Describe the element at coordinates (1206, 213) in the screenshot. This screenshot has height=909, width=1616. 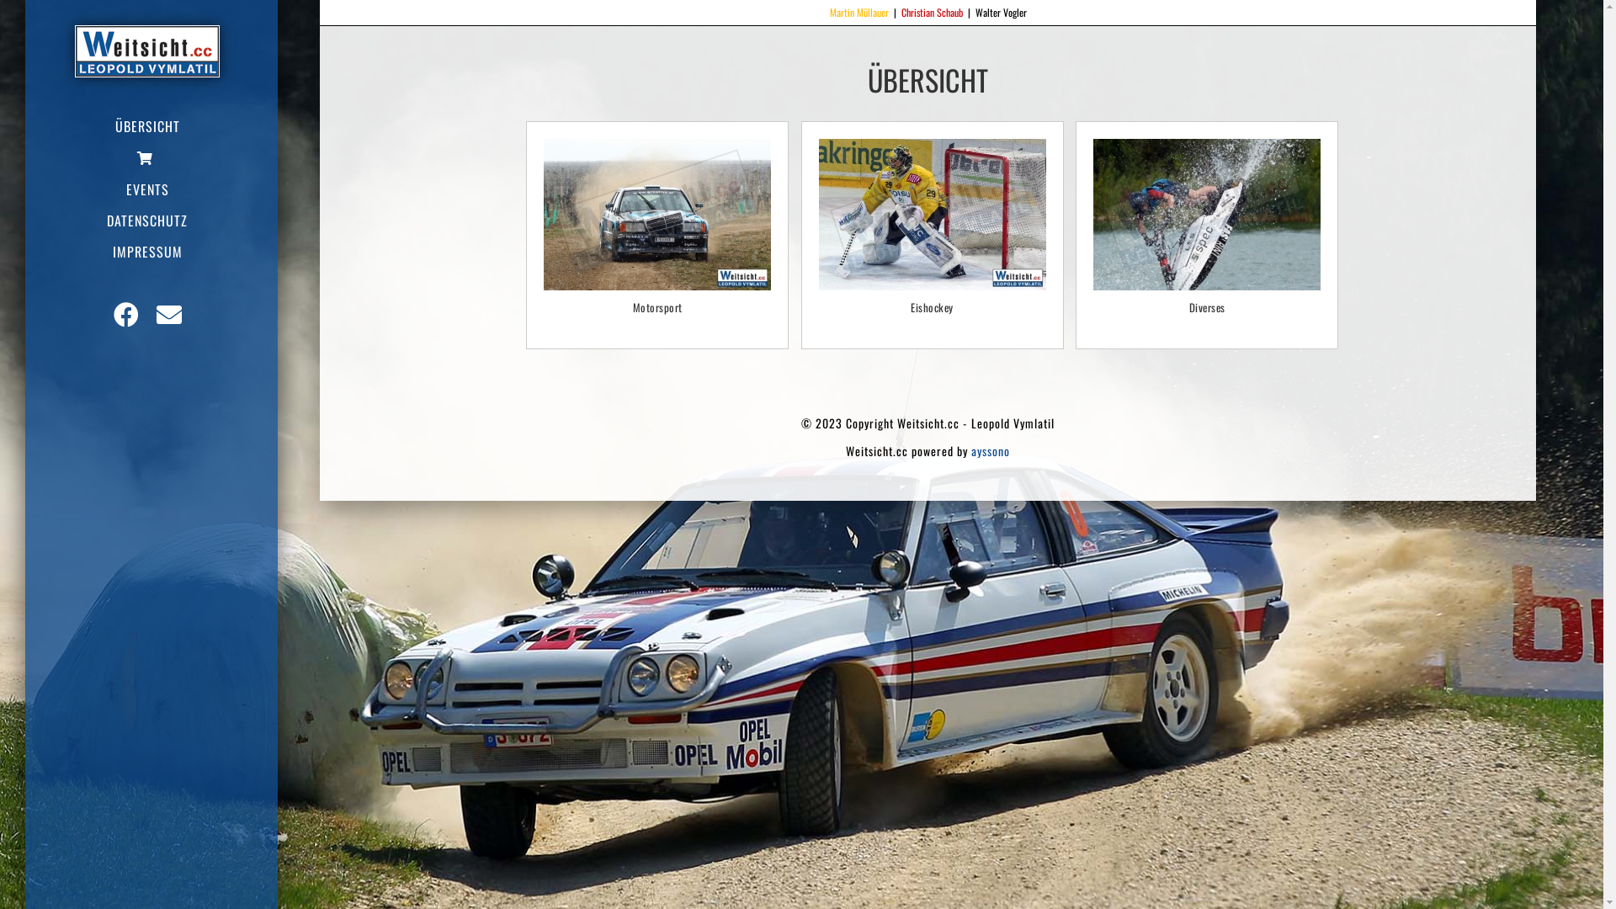
I see `'LEVY0008'` at that location.